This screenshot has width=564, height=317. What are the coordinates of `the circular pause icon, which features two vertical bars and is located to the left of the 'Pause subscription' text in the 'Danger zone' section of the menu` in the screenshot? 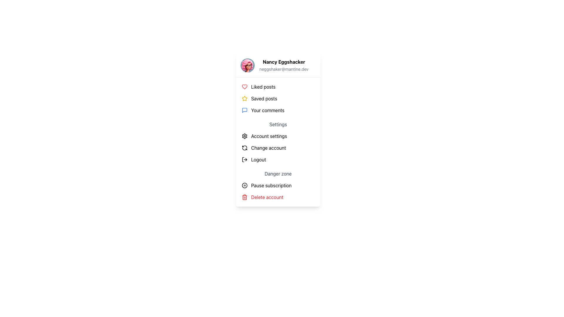 It's located at (245, 186).